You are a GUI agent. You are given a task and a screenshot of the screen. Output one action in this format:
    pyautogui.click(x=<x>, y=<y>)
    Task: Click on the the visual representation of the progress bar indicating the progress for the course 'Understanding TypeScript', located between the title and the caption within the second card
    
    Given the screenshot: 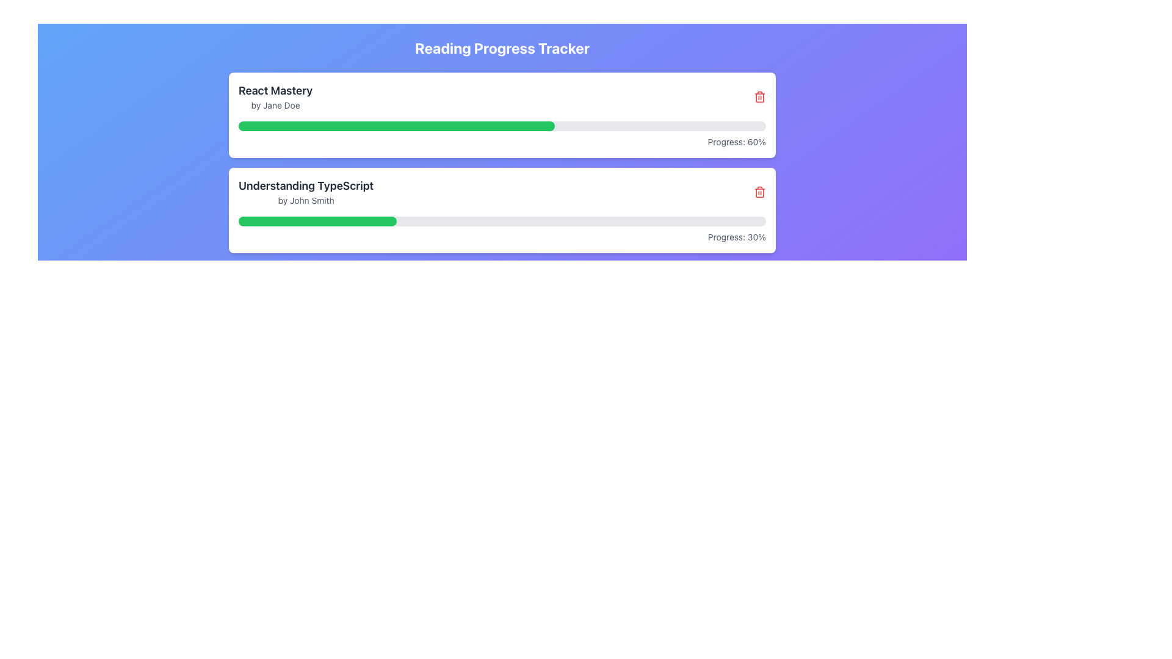 What is the action you would take?
    pyautogui.click(x=502, y=221)
    